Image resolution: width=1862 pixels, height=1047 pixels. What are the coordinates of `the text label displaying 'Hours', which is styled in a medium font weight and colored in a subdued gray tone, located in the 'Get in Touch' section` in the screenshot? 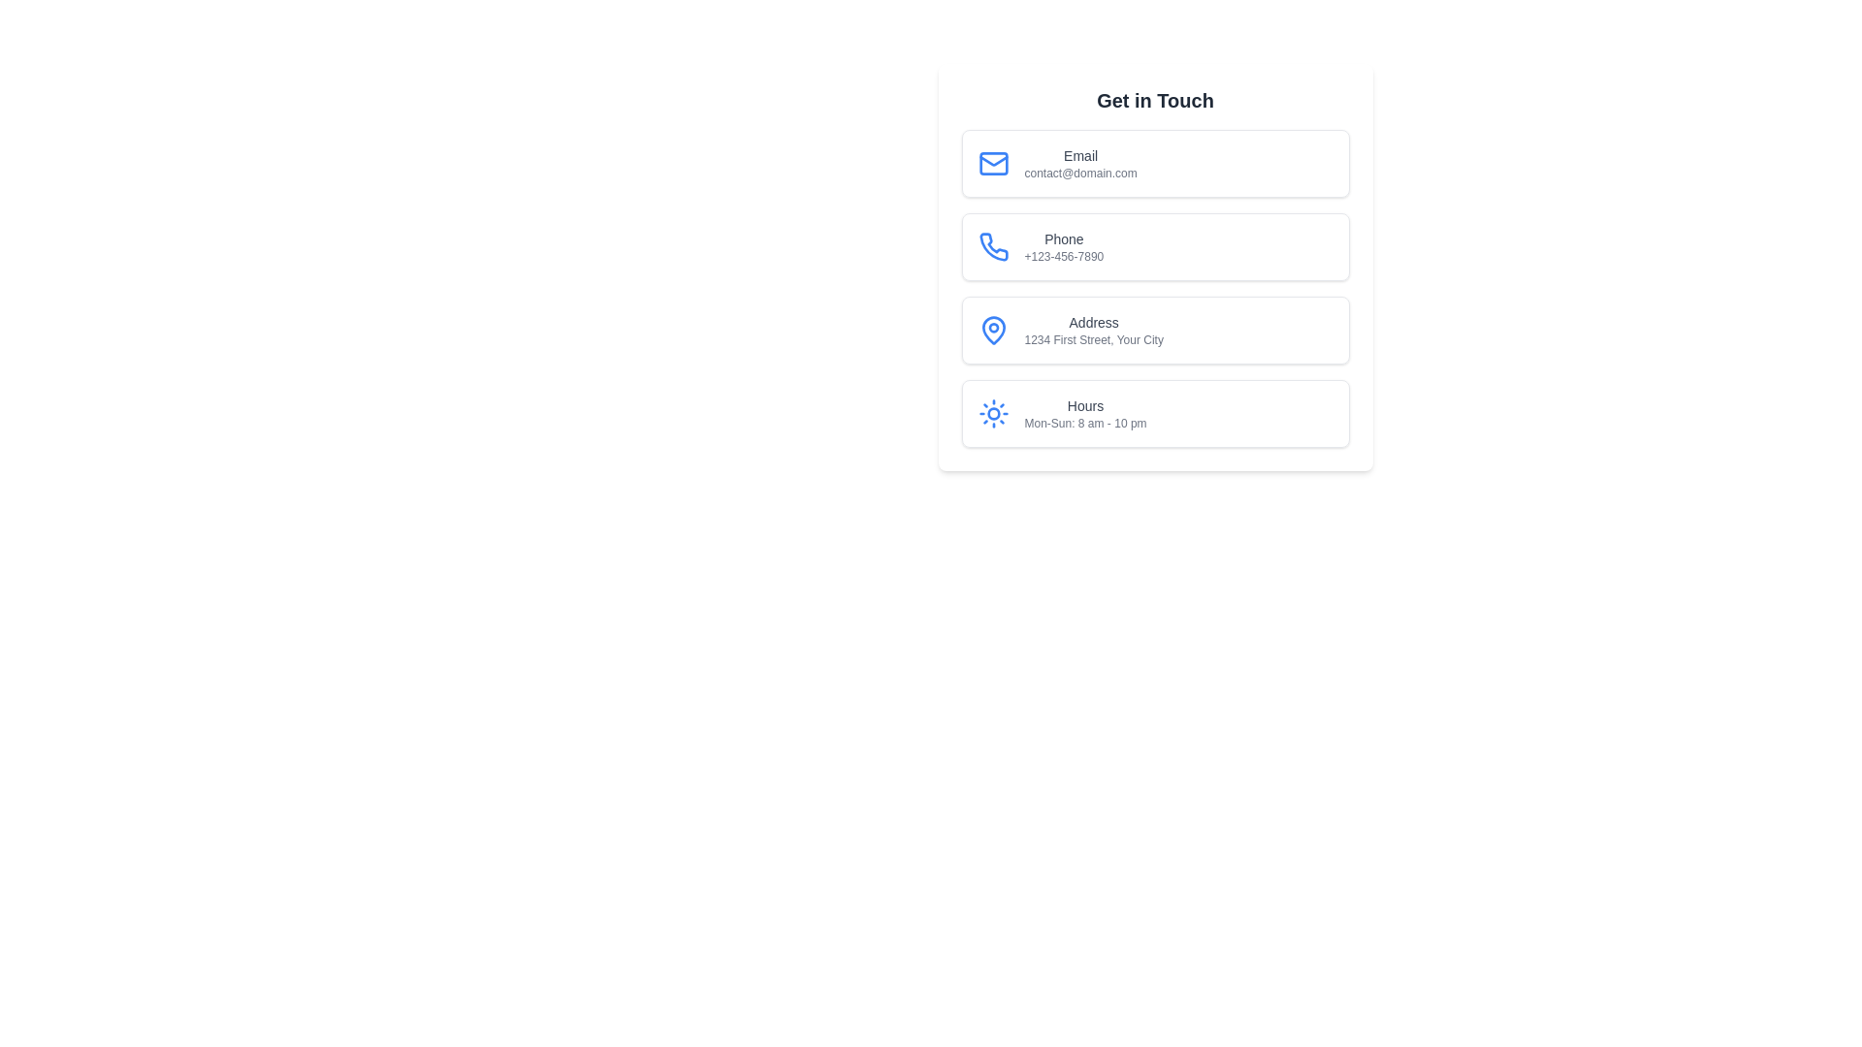 It's located at (1084, 405).